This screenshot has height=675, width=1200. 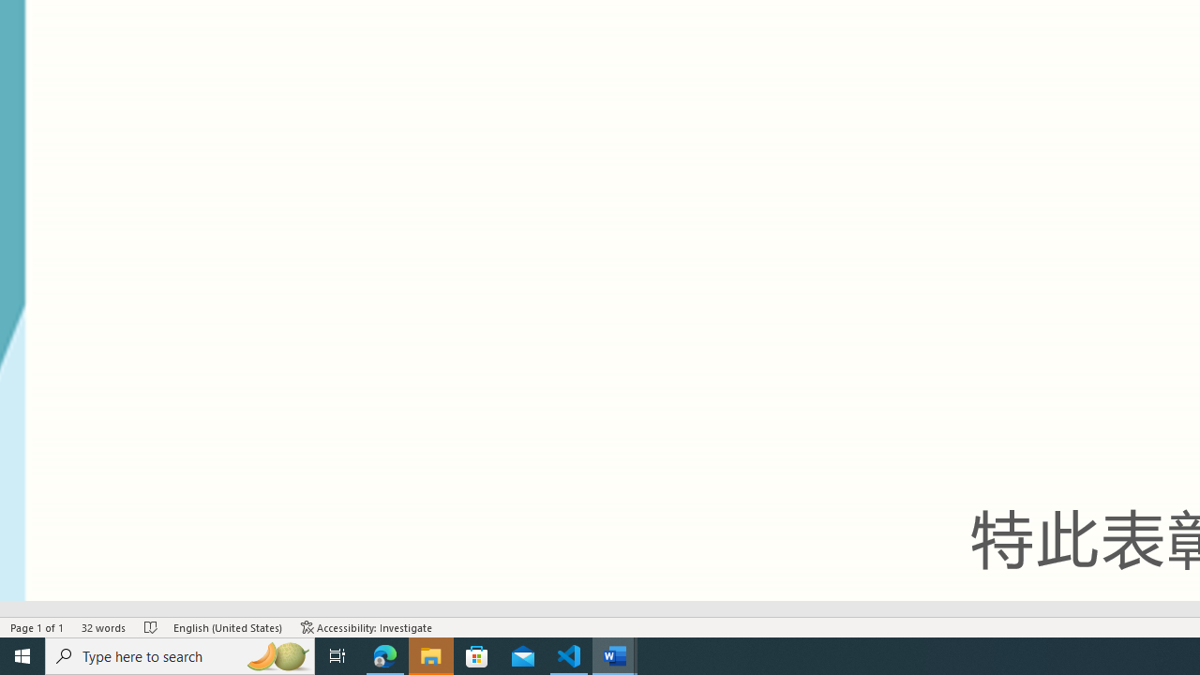 What do you see at coordinates (477, 654) in the screenshot?
I see `'Microsoft Store'` at bounding box center [477, 654].